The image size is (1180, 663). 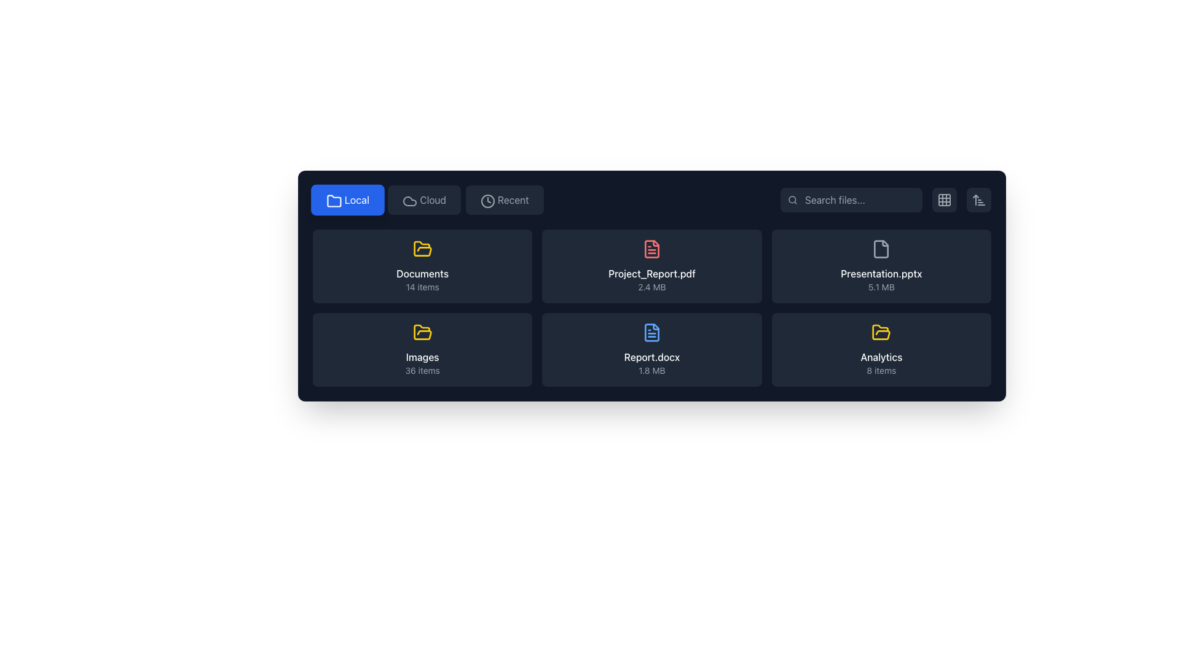 I want to click on the Text Label indicating the number of items associated with the 'Images' section, which is positioned directly beneath the 'Images' label, so click(x=422, y=370).